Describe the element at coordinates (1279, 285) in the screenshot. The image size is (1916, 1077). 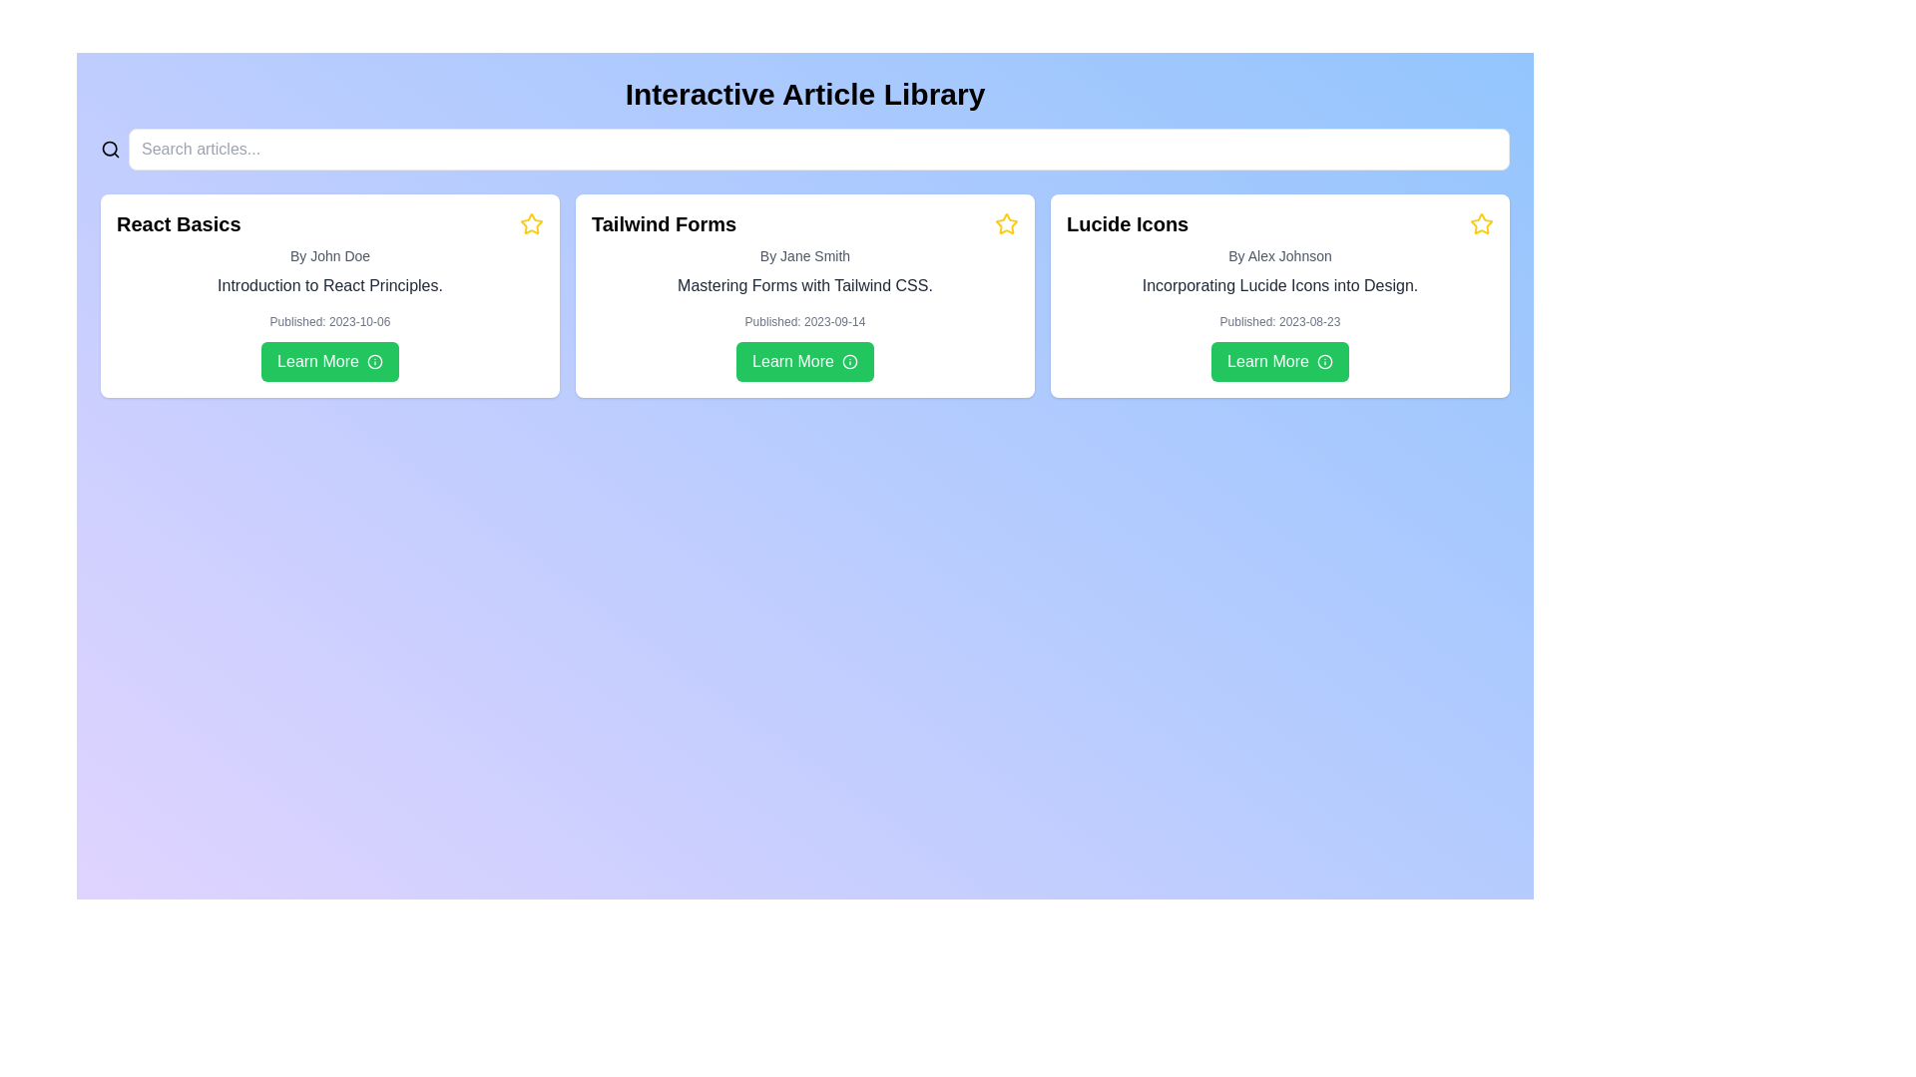
I see `the static text that reads 'Incorporating Lucide Icons into Design.' which is styled with a gray font and positioned below 'By Alex Johnson' within the third card` at that location.